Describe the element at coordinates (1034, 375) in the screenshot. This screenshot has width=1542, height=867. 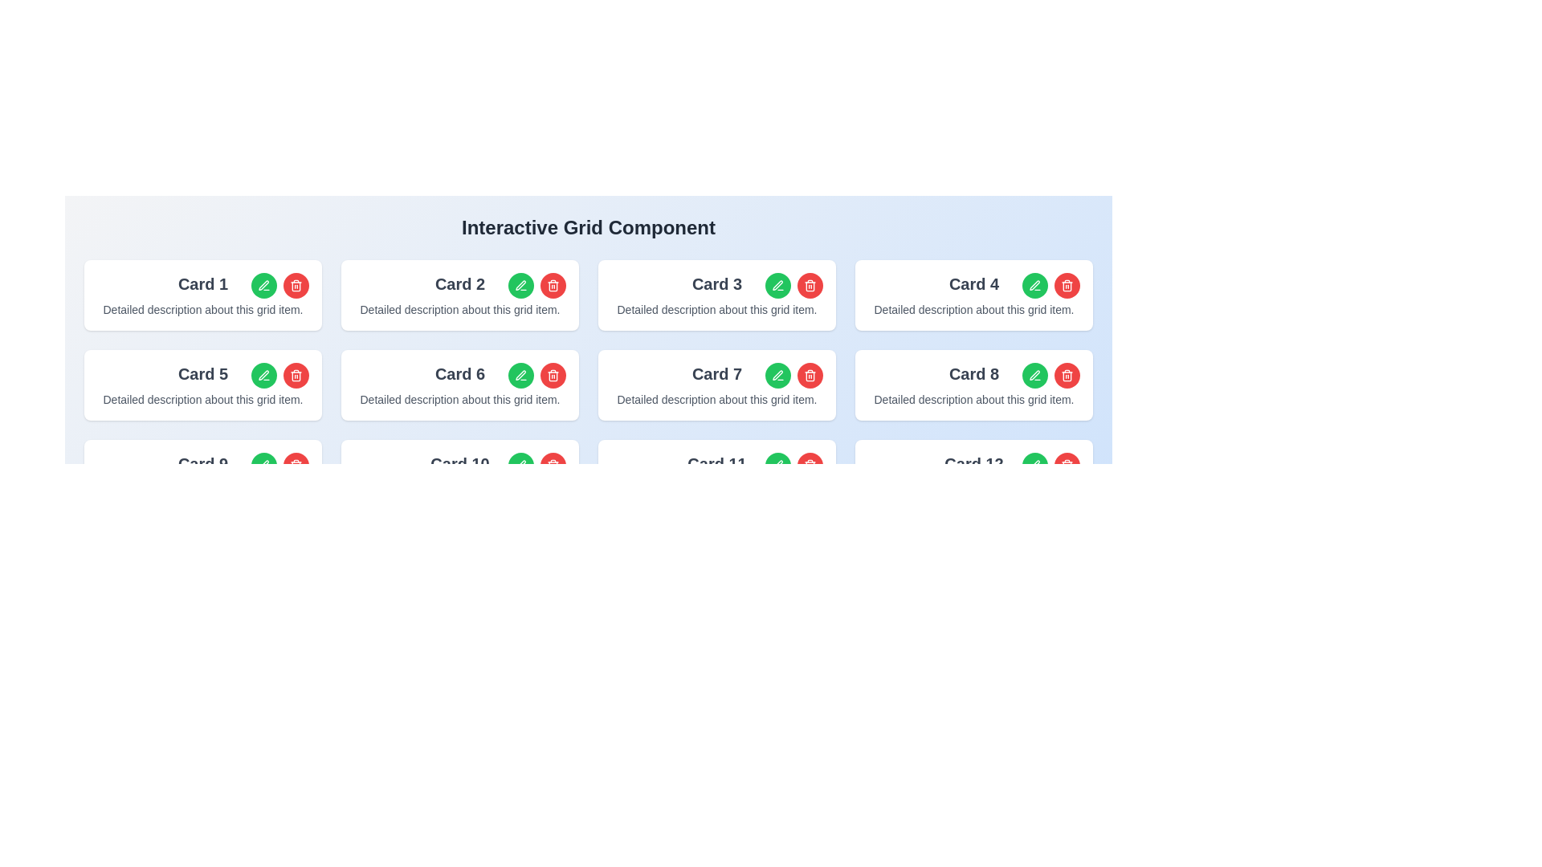
I see `the stylized pen tip icon located within 'Card 8' in the interactive grid layout, which is part of the icon set for editing and deletion functionalities` at that location.